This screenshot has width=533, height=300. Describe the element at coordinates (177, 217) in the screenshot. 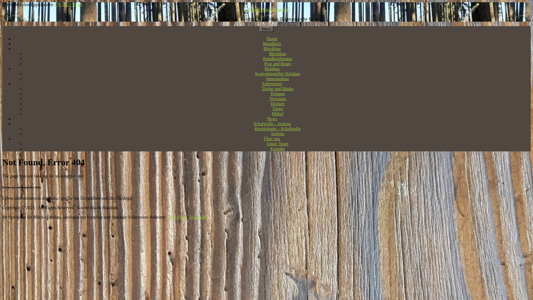

I see `'RSS Feed'` at that location.